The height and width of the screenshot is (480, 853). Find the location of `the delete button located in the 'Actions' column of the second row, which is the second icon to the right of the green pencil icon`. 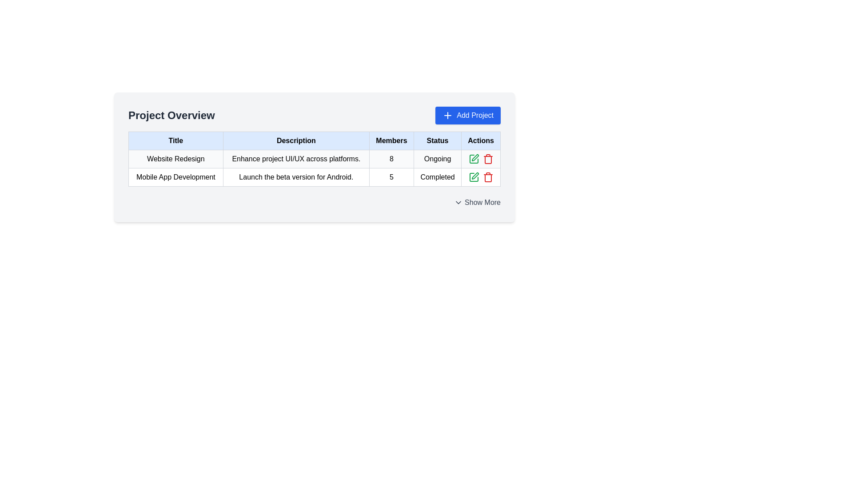

the delete button located in the 'Actions' column of the second row, which is the second icon to the right of the green pencil icon is located at coordinates (487, 177).